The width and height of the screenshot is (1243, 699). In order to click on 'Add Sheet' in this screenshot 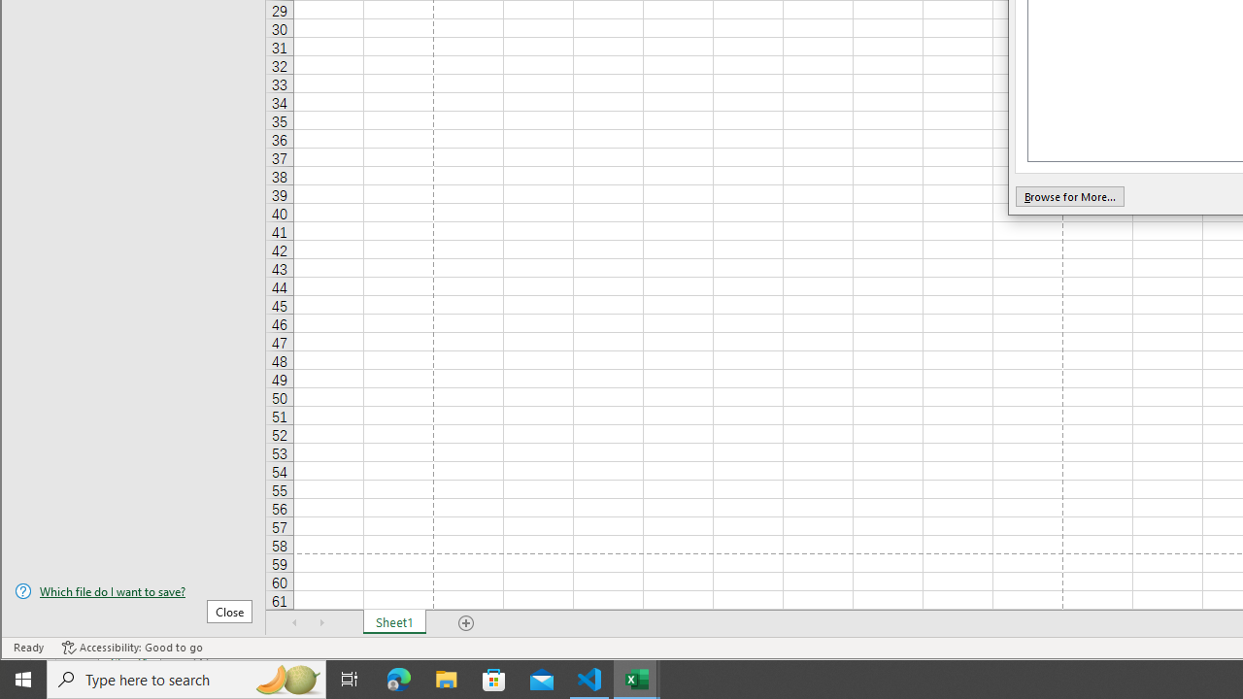, I will do `click(467, 622)`.